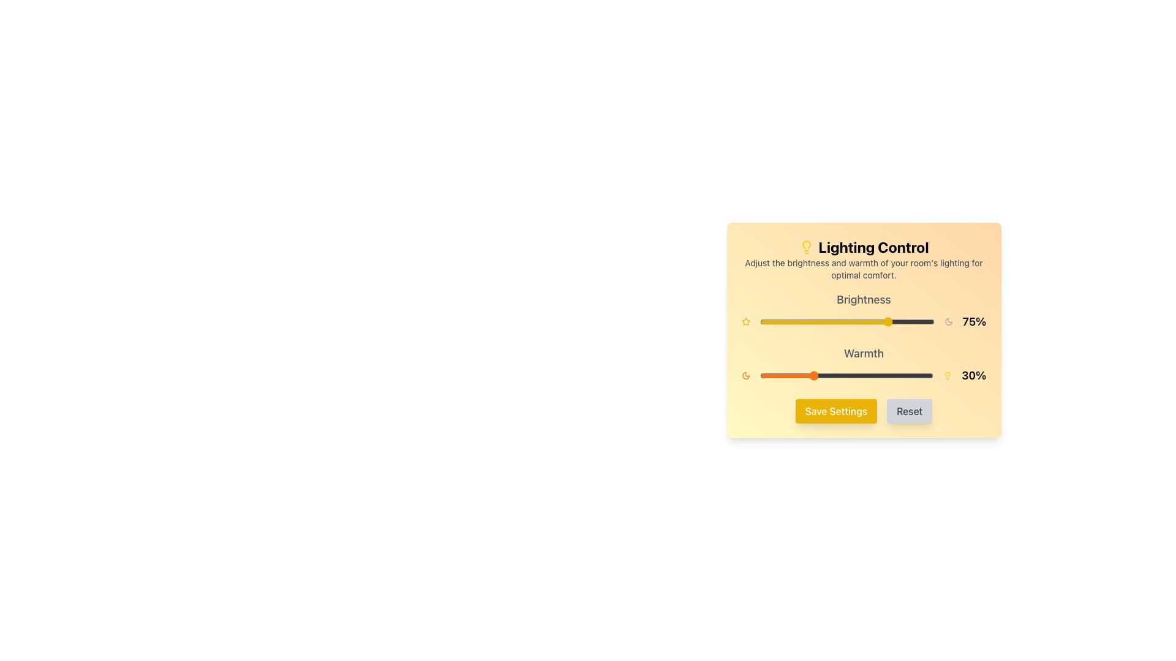 This screenshot has width=1176, height=661. What do you see at coordinates (767, 321) in the screenshot?
I see `brightness` at bounding box center [767, 321].